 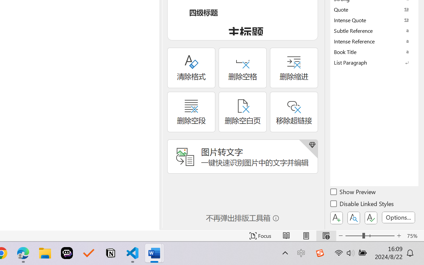 What do you see at coordinates (362, 205) in the screenshot?
I see `'Disable Linked Styles'` at bounding box center [362, 205].